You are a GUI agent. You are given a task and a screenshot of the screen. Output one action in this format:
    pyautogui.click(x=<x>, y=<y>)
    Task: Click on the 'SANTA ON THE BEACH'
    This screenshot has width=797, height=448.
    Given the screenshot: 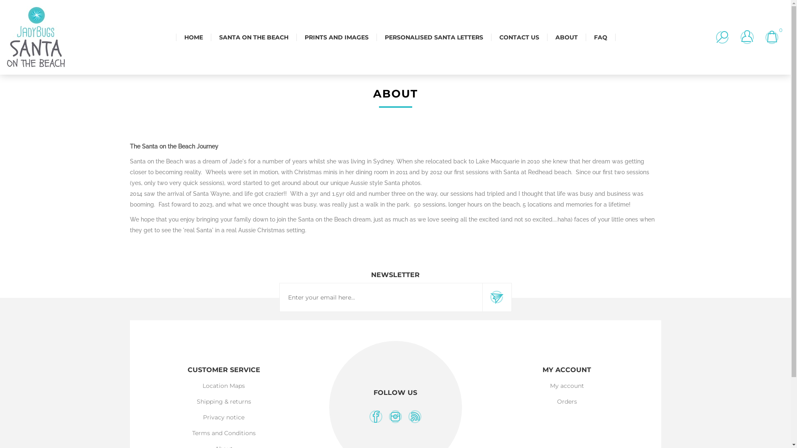 What is the action you would take?
    pyautogui.click(x=211, y=37)
    